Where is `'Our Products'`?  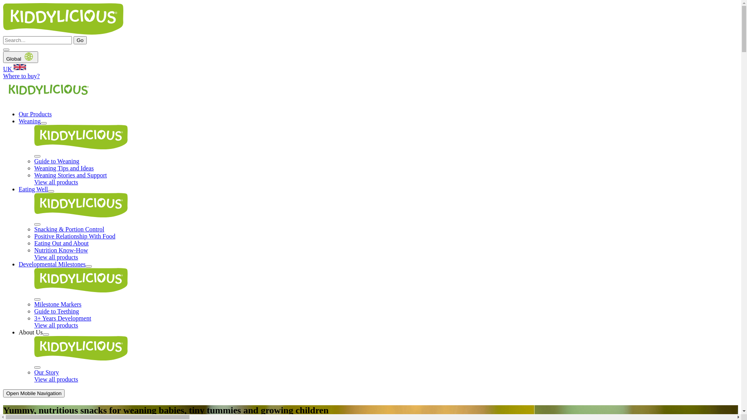
'Our Products' is located at coordinates (35, 114).